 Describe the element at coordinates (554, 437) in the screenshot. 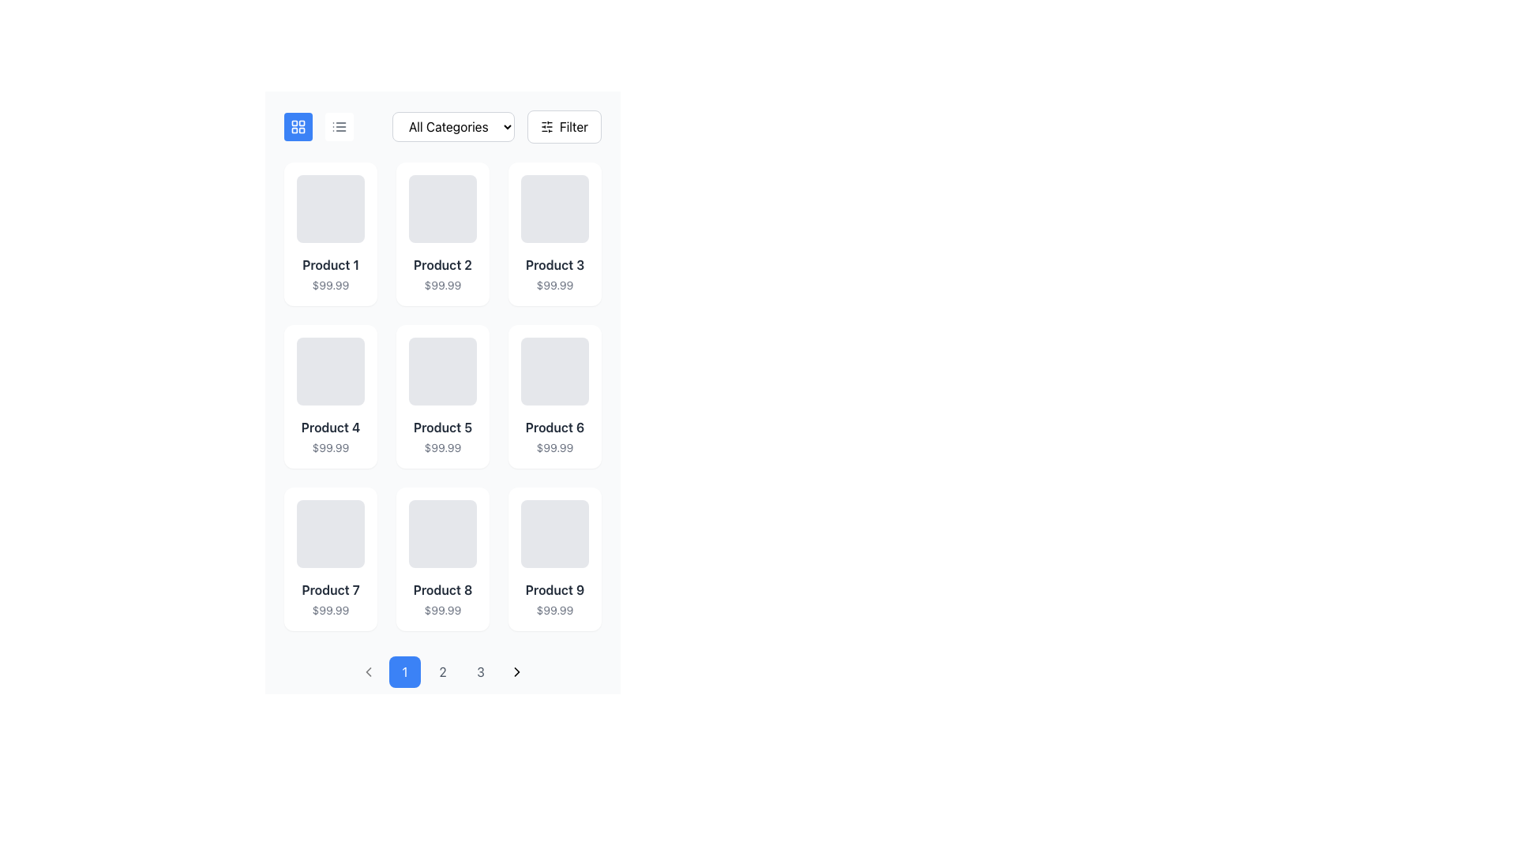

I see `price information displayed in the Text Display Component that shows '$99.99' below the product name 'Product 6' in a grid layout` at that location.